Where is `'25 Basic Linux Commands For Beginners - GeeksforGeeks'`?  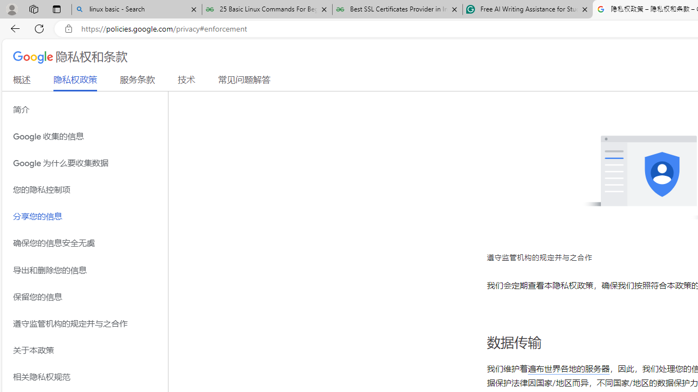
'25 Basic Linux Commands For Beginners - GeeksforGeeks' is located at coordinates (267, 9).